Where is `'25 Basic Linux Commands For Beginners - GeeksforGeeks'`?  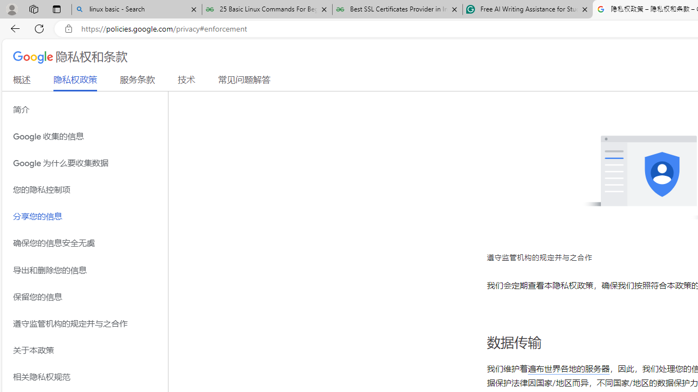
'25 Basic Linux Commands For Beginners - GeeksforGeeks' is located at coordinates (267, 9).